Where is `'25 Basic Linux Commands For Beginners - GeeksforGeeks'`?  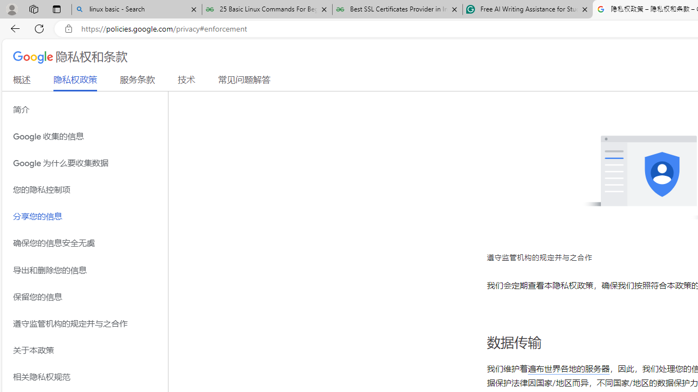
'25 Basic Linux Commands For Beginners - GeeksforGeeks' is located at coordinates (267, 9).